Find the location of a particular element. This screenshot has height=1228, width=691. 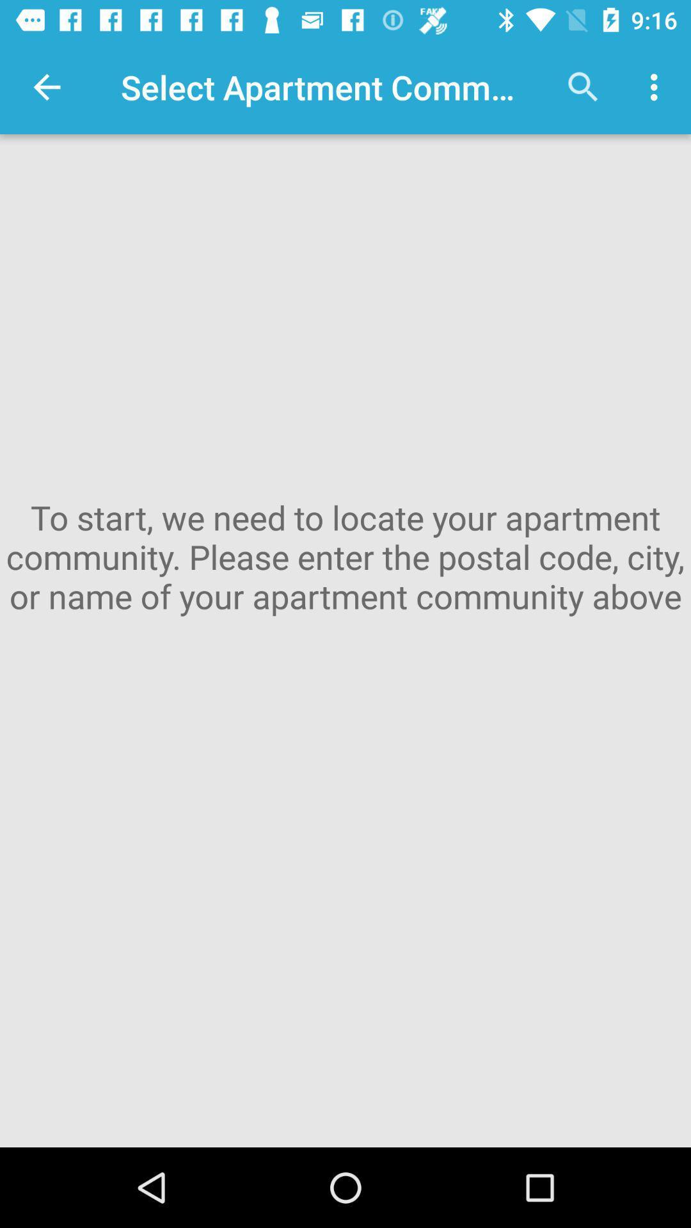

the icon next to the select apartment community app is located at coordinates (583, 86).